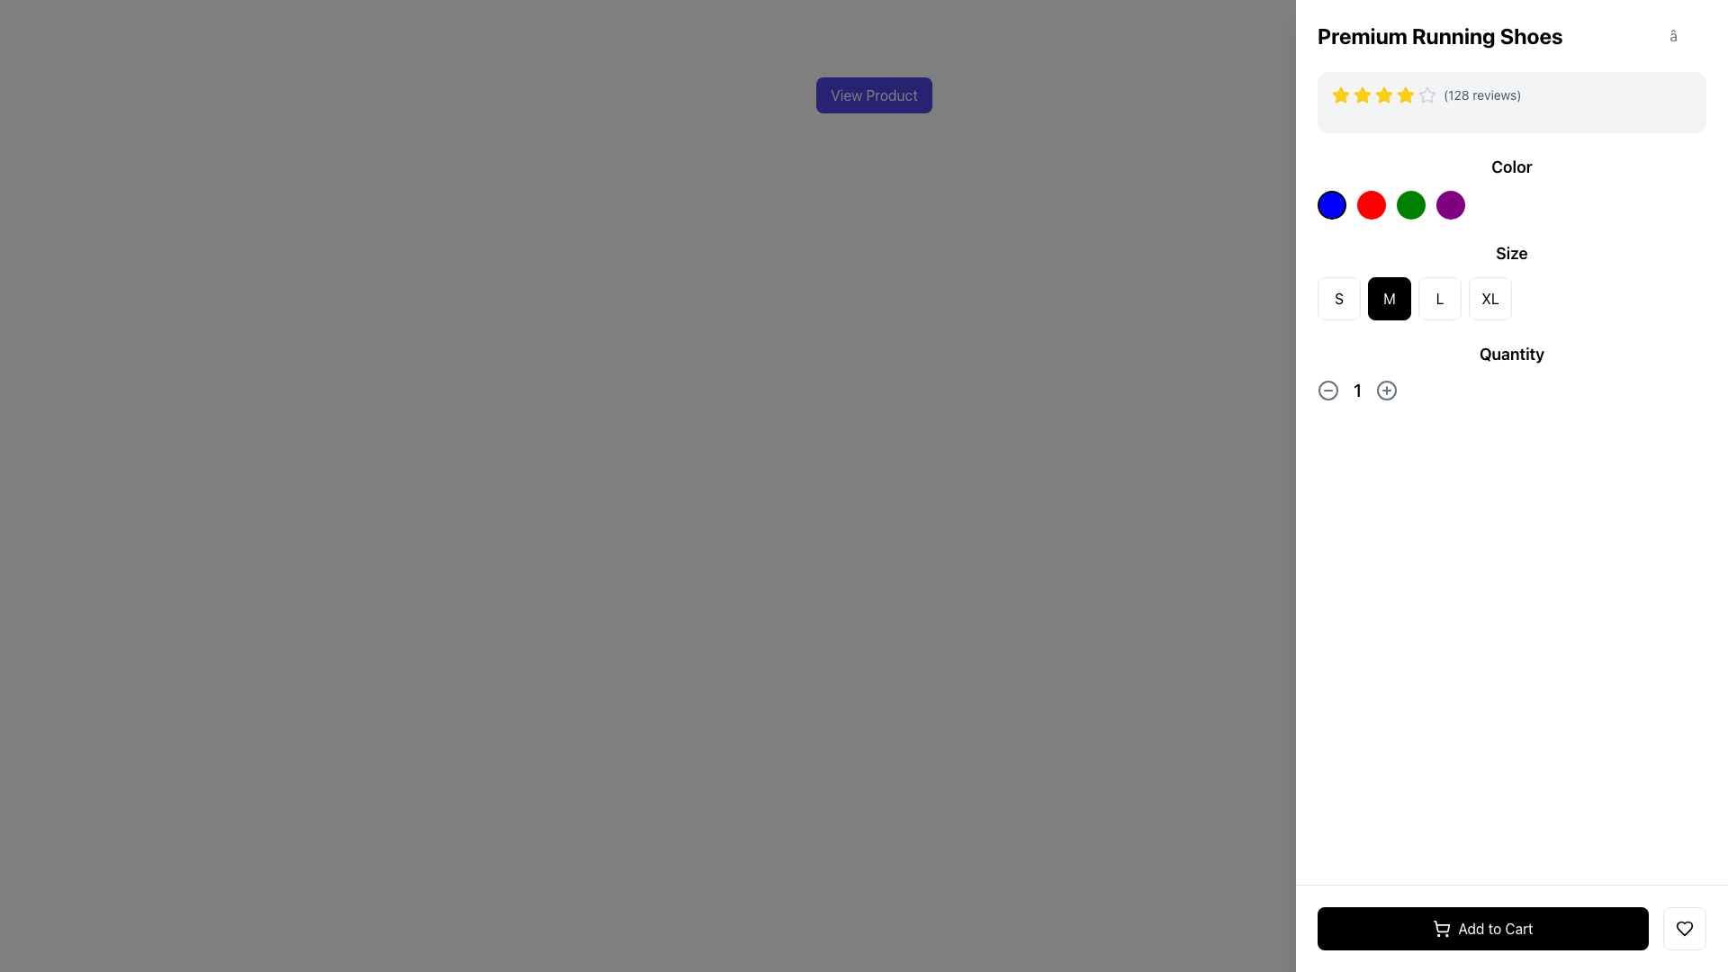 The width and height of the screenshot is (1728, 972). Describe the element at coordinates (1426, 94) in the screenshot. I see `the fourth star-shaped icon in the rating system, which is light gray and located next to the title 'Premium Running Shoes'` at that location.